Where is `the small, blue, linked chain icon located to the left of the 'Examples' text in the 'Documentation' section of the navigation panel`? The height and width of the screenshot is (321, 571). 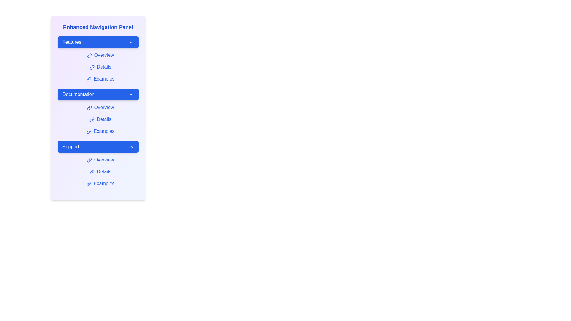 the small, blue, linked chain icon located to the left of the 'Examples' text in the 'Documentation' section of the navigation panel is located at coordinates (88, 131).